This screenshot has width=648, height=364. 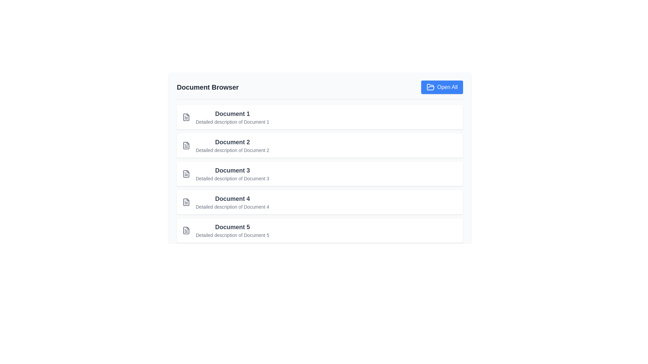 I want to click on the static text label that says 'Detailed description of Document 5', which is located directly beneath the title 'Document 5', so click(x=232, y=235).